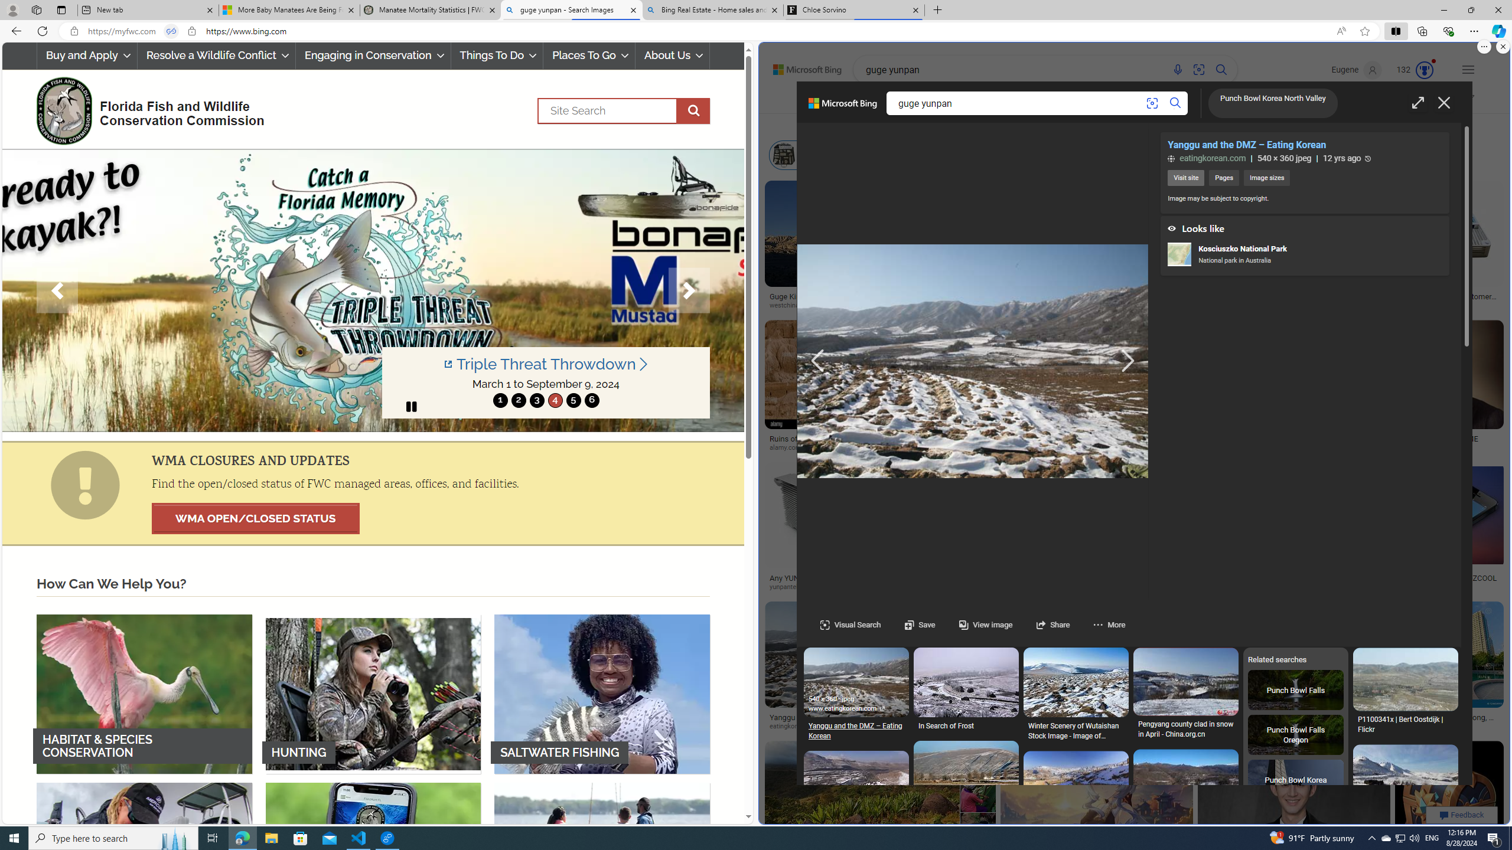 The width and height of the screenshot is (1512, 850). Describe the element at coordinates (571, 9) in the screenshot. I see `'guge yunpan - Search Images'` at that location.